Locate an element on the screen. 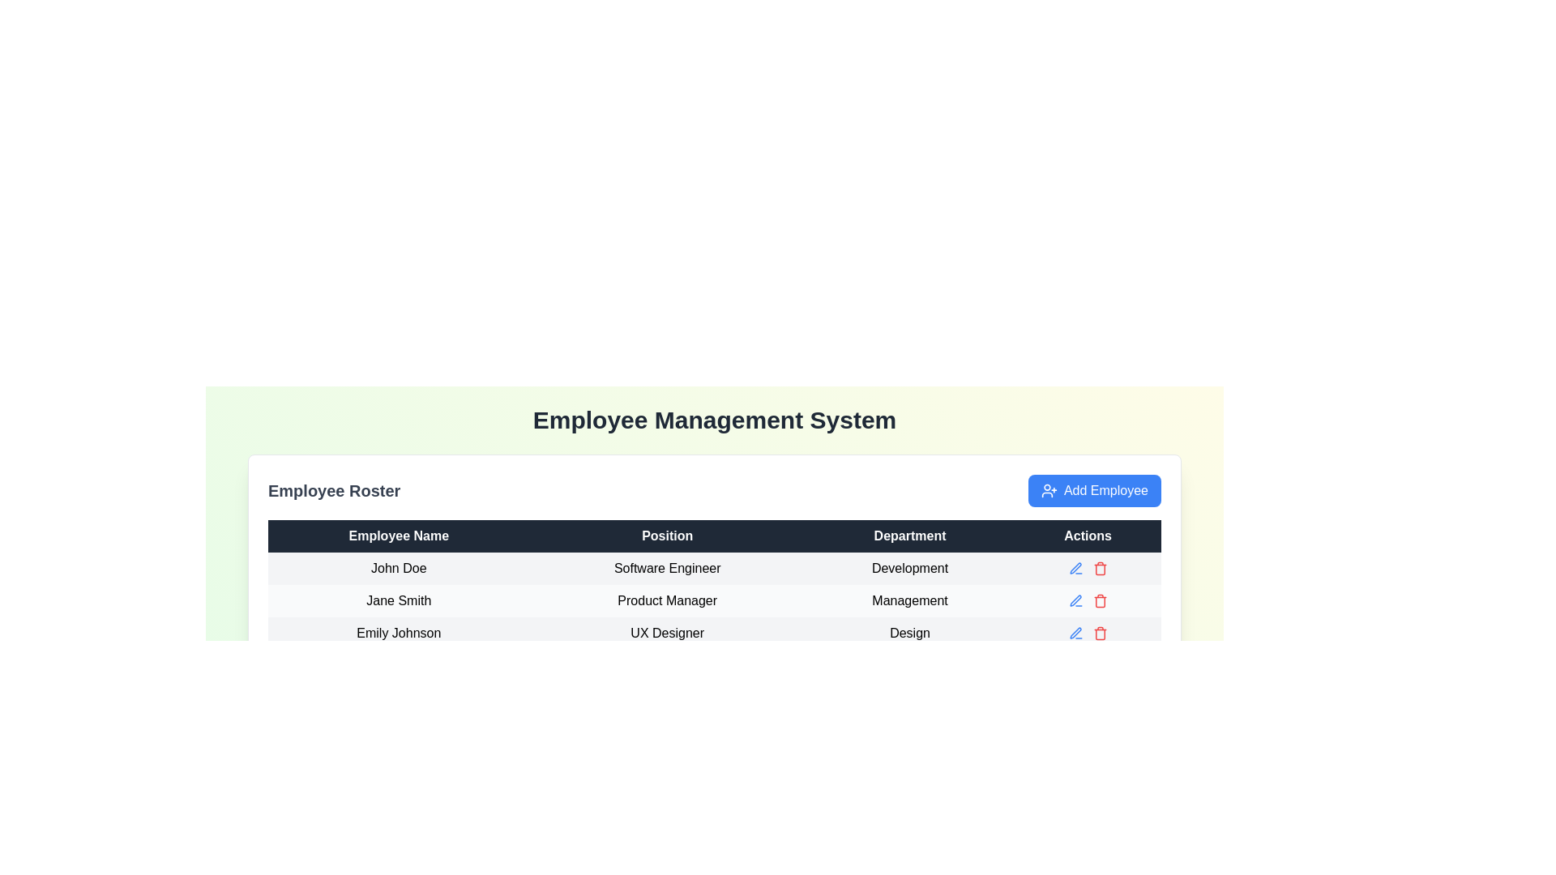  the text element displaying 'Development' in black font under the 'Department' column of the Employee Roster table is located at coordinates (910, 568).